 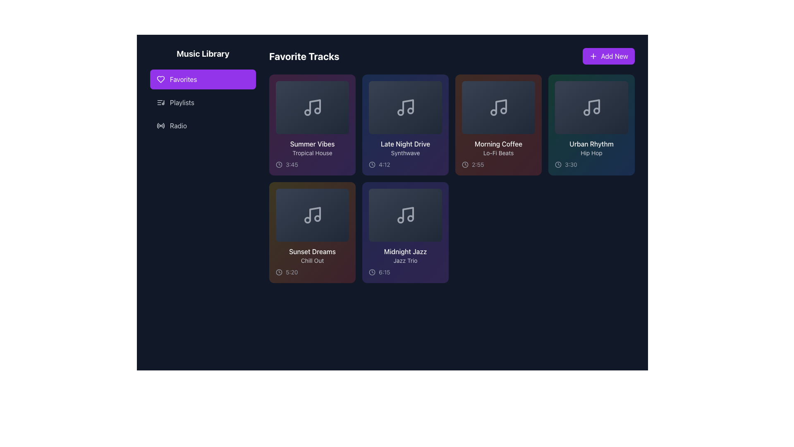 What do you see at coordinates (160, 102) in the screenshot?
I see `the music list icon in the navigation panel` at bounding box center [160, 102].